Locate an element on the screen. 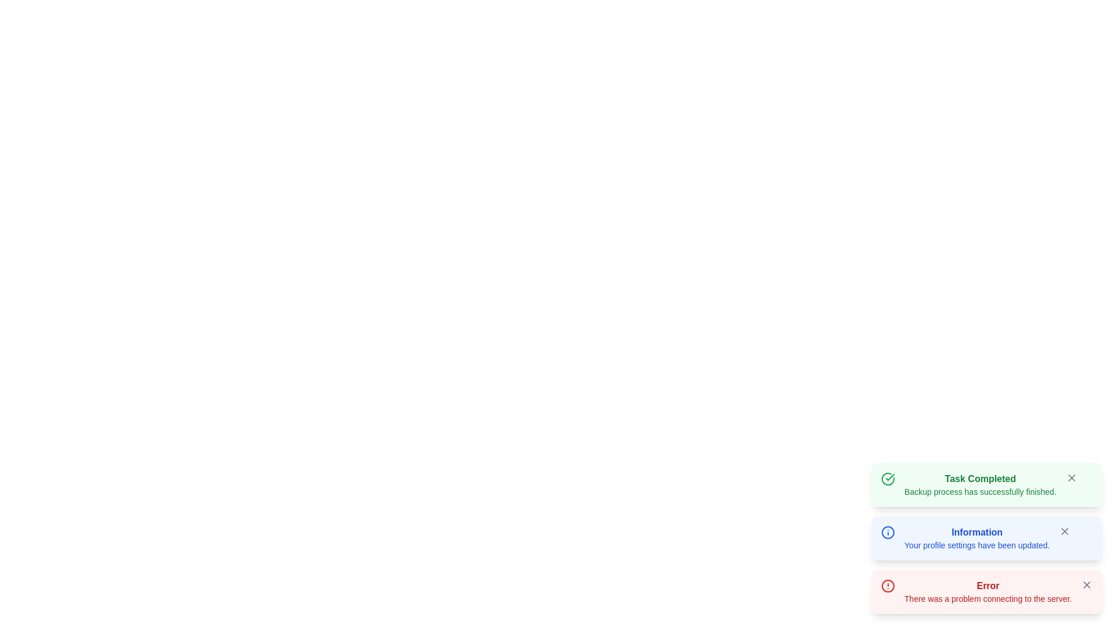 This screenshot has width=1116, height=628. notification text indicating that the user's profile settings were successfully updated, which is centrally positioned within a block in the UI is located at coordinates (977, 538).